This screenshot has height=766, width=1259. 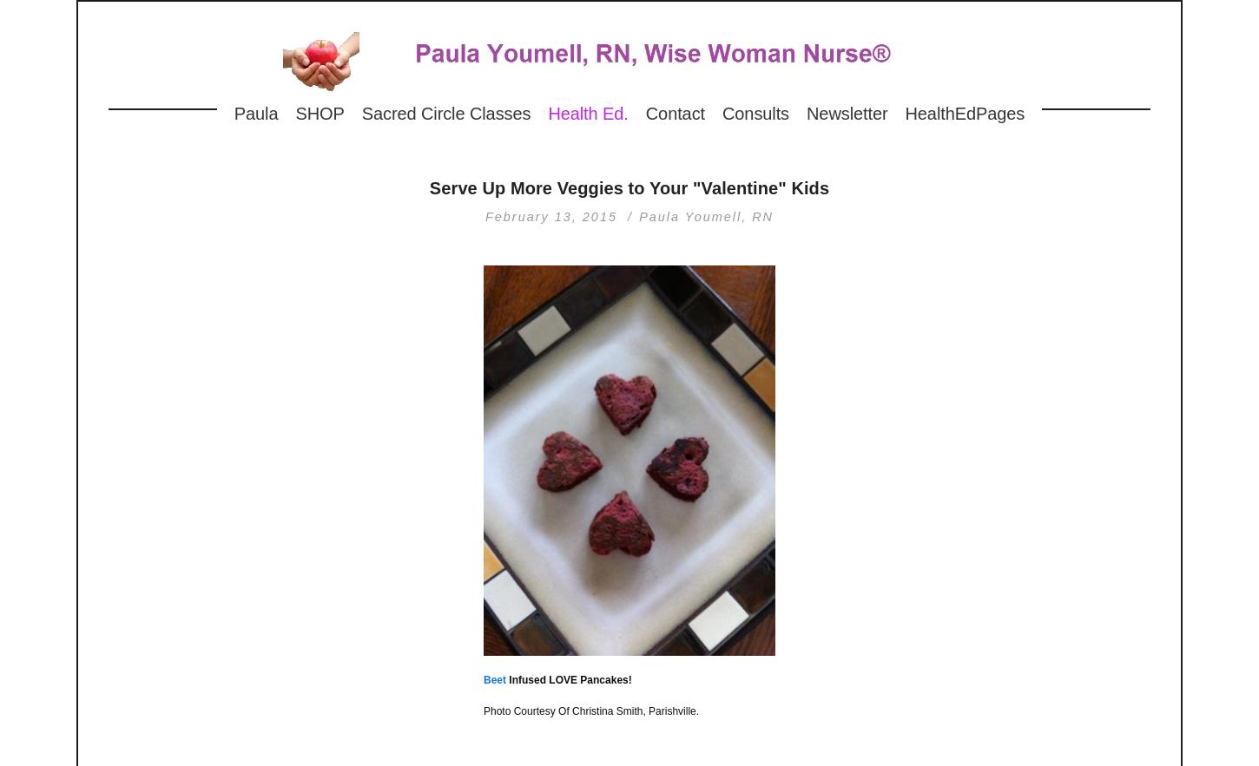 I want to click on 'Paula', so click(x=255, y=113).